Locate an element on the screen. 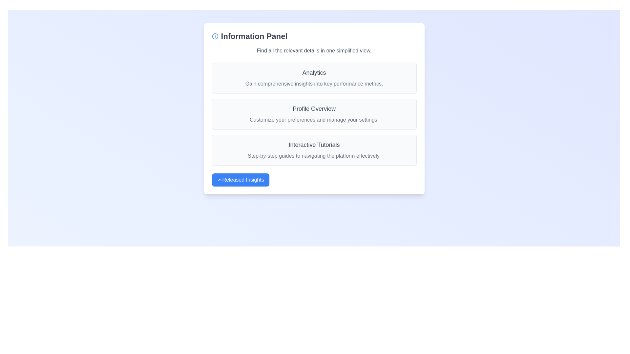 The width and height of the screenshot is (630, 354). the first informational card in the 'Information Panel' that describes the 'Analytics' feature is located at coordinates (314, 78).